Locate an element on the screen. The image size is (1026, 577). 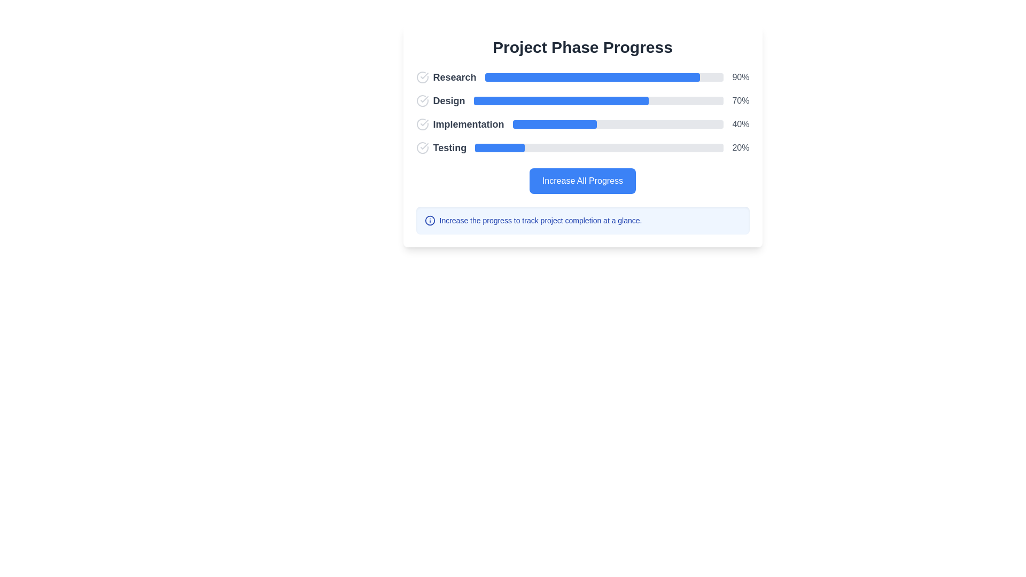
the text label that displays the percentage progress for the 'Design' phase in the project progress tracker, positioned at the far-right end of the 'Design' progress row is located at coordinates (740, 101).